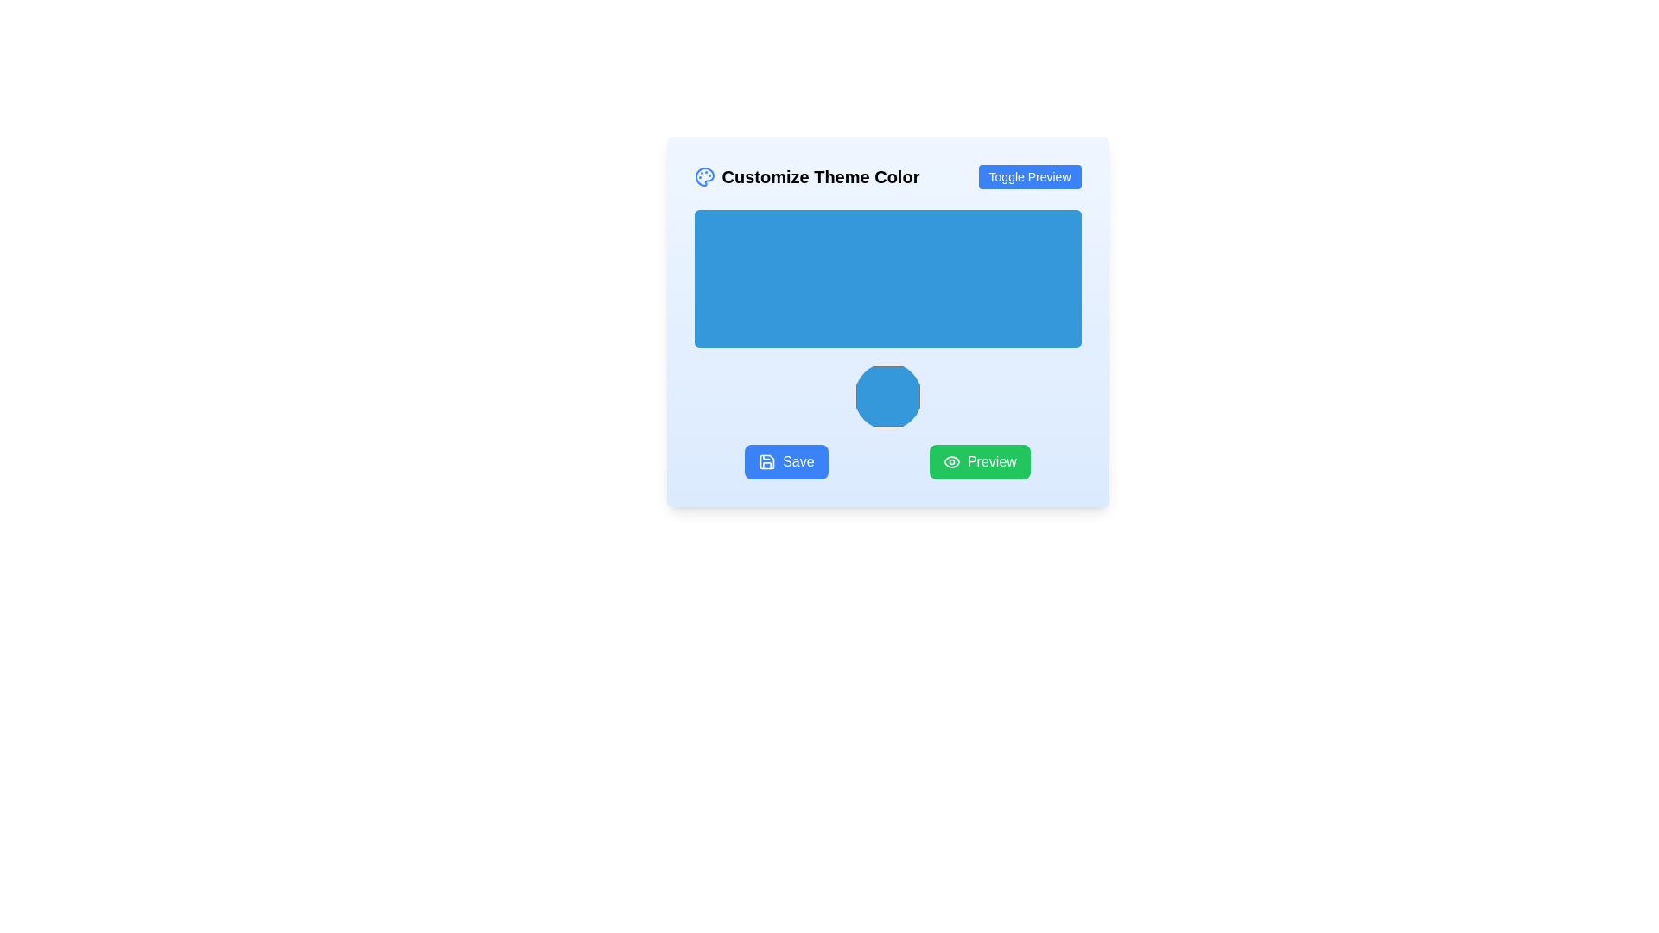  Describe the element at coordinates (1029, 176) in the screenshot. I see `the button that toggles the preview feature of the application, located on the right side of the layout adjacent to the title 'Customize Theme Color'` at that location.